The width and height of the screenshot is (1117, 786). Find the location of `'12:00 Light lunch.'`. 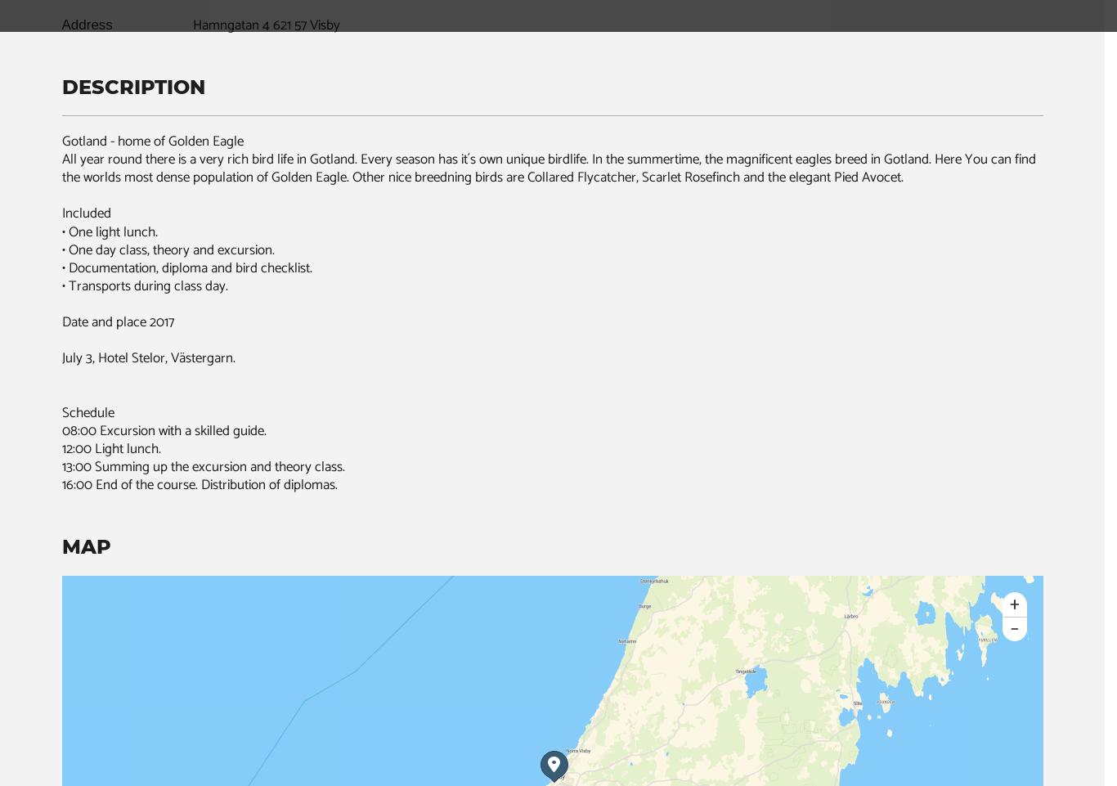

'12:00 Light lunch.' is located at coordinates (110, 447).